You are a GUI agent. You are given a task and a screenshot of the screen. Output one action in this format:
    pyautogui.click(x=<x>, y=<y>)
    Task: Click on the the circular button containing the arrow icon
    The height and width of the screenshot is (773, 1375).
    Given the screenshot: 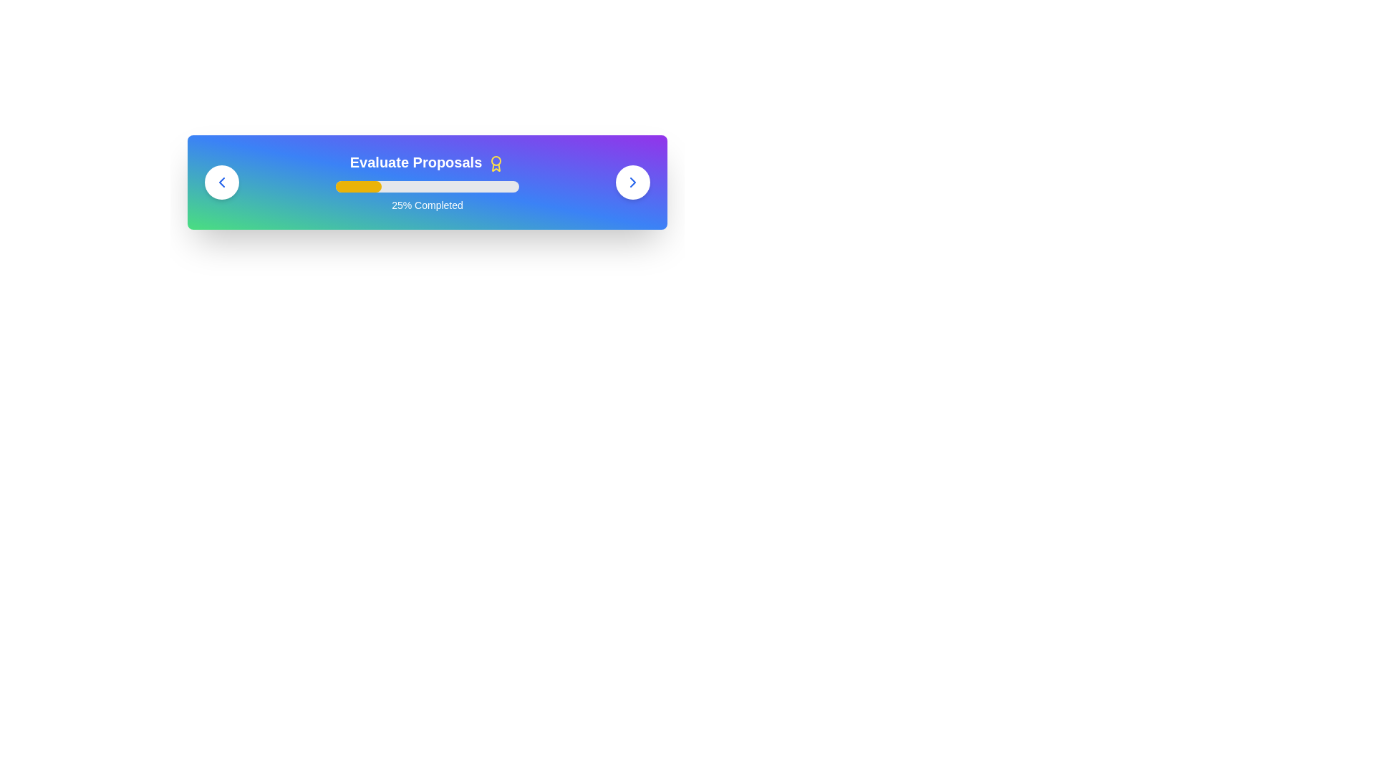 What is the action you would take?
    pyautogui.click(x=221, y=181)
    